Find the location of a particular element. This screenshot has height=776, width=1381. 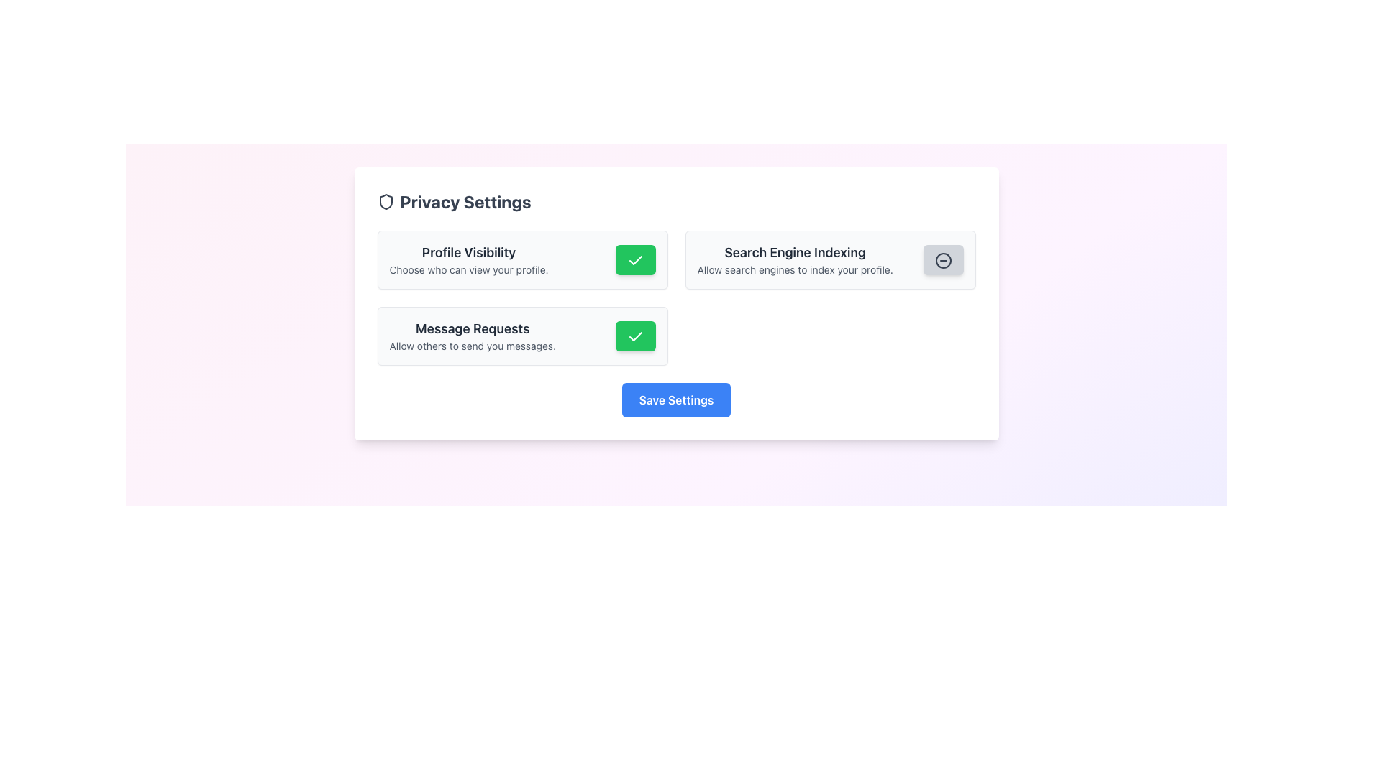

the 'Profile Visibility' icon located in the 'Privacy Settings' section, which indicates that the setting is enabled is located at coordinates (634, 260).